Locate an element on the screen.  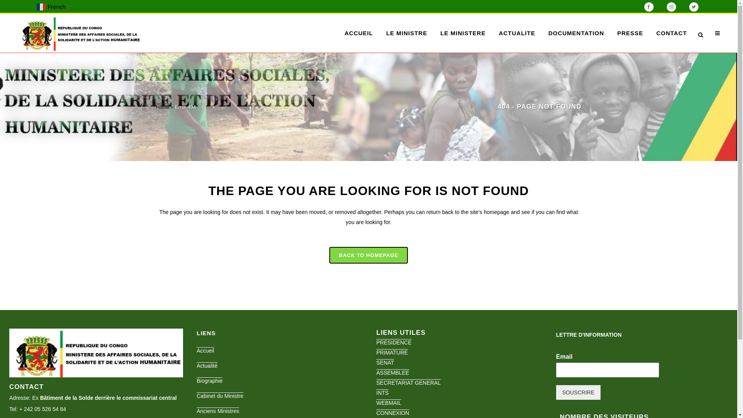
'PRIMATURE' is located at coordinates (392, 352).